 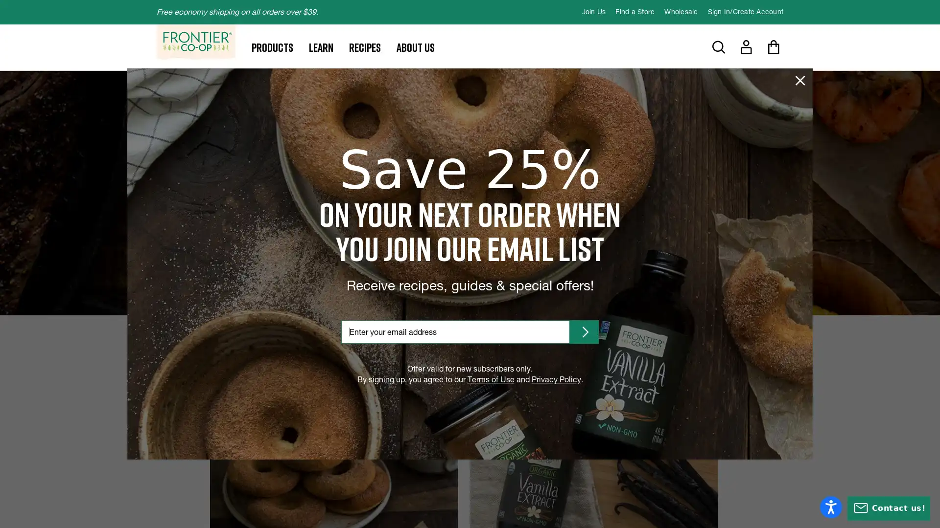 I want to click on Products, so click(x=272, y=47).